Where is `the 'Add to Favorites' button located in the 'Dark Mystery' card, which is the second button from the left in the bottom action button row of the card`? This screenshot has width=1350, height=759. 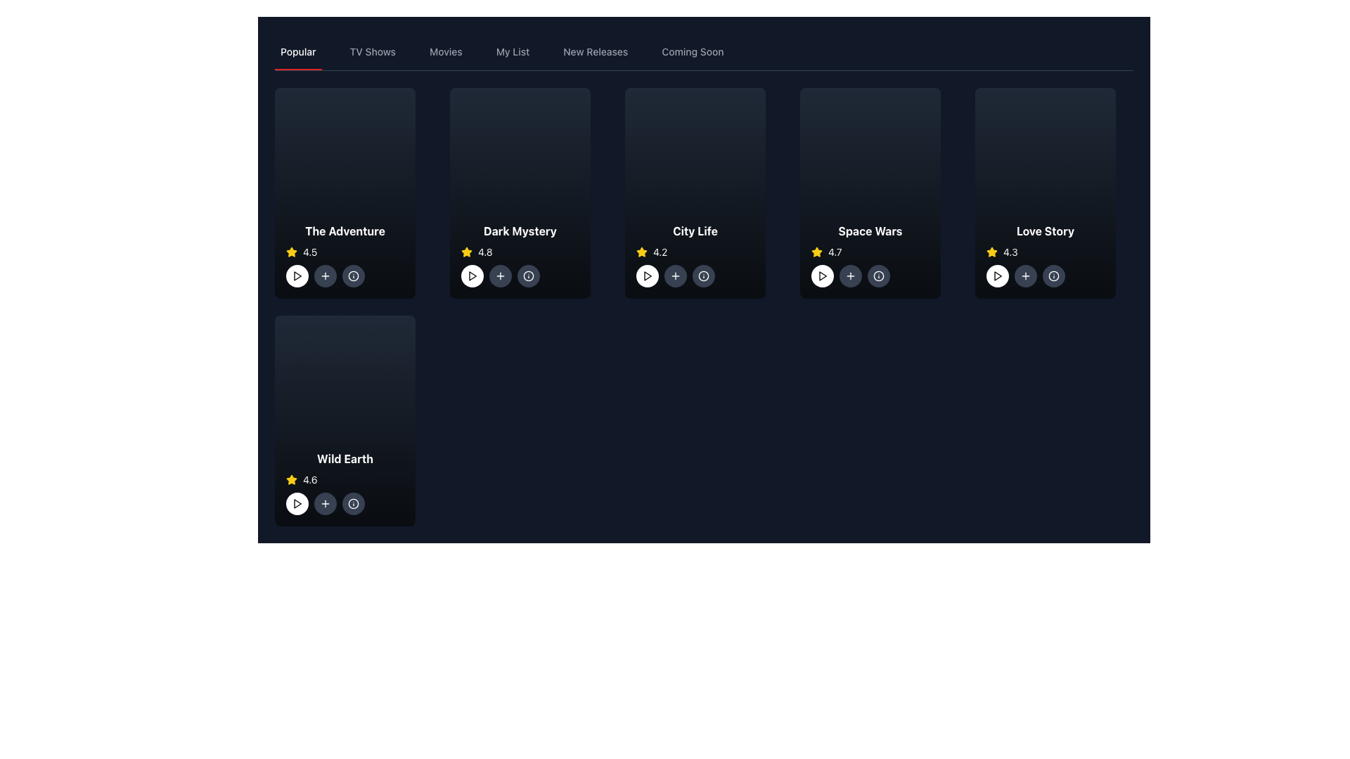
the 'Add to Favorites' button located in the 'Dark Mystery' card, which is the second button from the left in the bottom action button row of the card is located at coordinates (500, 276).